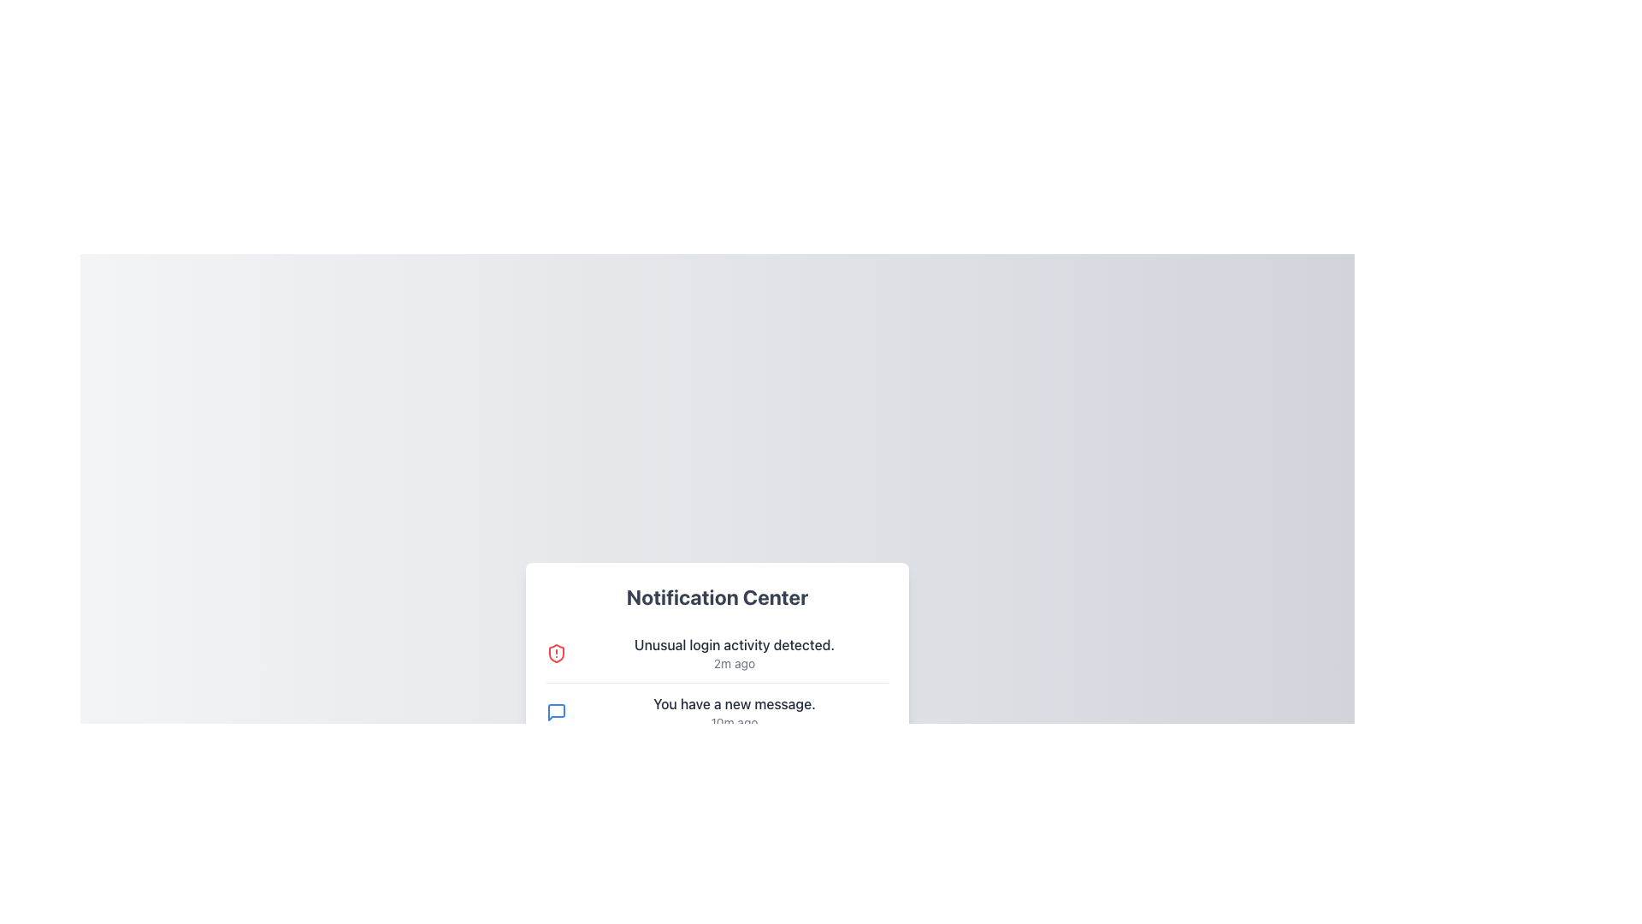 This screenshot has height=924, width=1642. What do you see at coordinates (557, 713) in the screenshot?
I see `the minimalistic blue outlined speech bubble icon located in the Notification Center, which is positioned second in the list next to the text 'You have a new message.'` at bounding box center [557, 713].